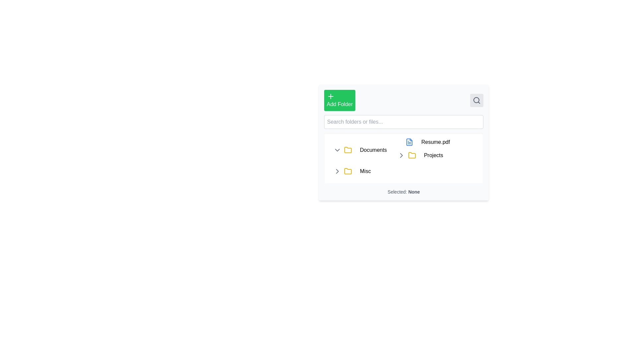 The image size is (637, 358). I want to click on the search button, which is a light gray rectangular button with rounded corners and a magnifying glass icon, located to the right of the 'Add Folder' button, so click(476, 100).